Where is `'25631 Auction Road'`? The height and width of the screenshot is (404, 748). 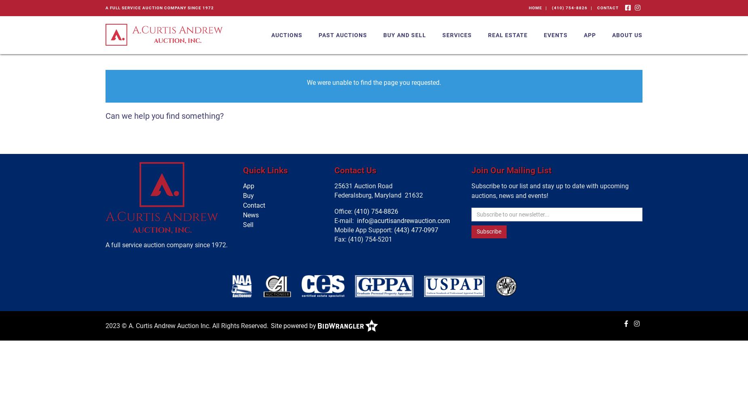
'25631 Auction Road' is located at coordinates (363, 185).